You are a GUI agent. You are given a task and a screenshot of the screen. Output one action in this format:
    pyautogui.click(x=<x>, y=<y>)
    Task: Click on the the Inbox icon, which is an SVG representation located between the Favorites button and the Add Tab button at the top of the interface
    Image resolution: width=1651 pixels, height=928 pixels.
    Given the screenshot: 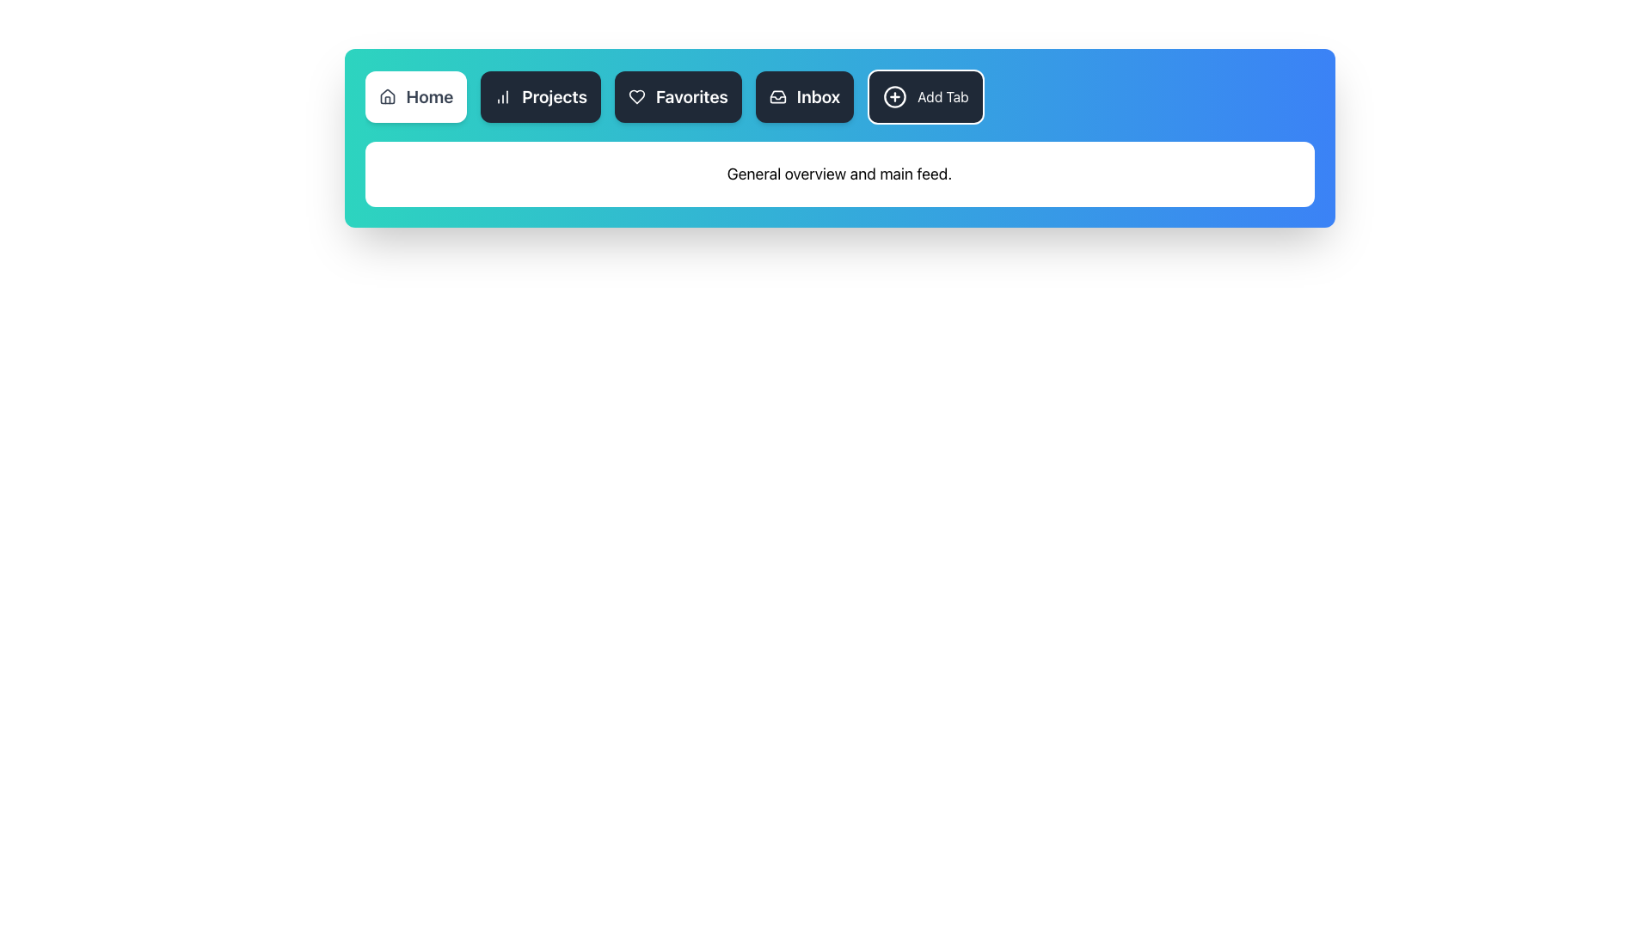 What is the action you would take?
    pyautogui.click(x=776, y=96)
    